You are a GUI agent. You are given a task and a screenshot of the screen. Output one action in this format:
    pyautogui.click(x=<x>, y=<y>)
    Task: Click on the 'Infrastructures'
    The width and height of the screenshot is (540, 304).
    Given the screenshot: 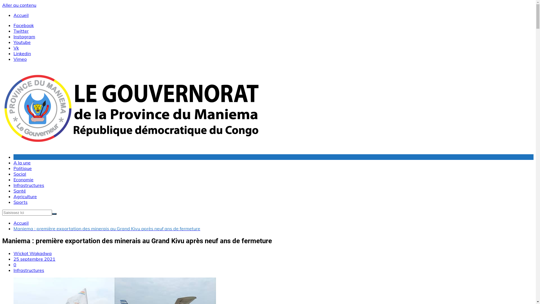 What is the action you would take?
    pyautogui.click(x=28, y=185)
    